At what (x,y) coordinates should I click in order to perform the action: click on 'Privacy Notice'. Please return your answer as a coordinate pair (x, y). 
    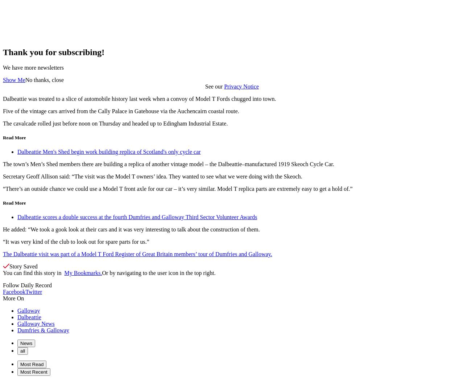
    Looking at the image, I should click on (241, 86).